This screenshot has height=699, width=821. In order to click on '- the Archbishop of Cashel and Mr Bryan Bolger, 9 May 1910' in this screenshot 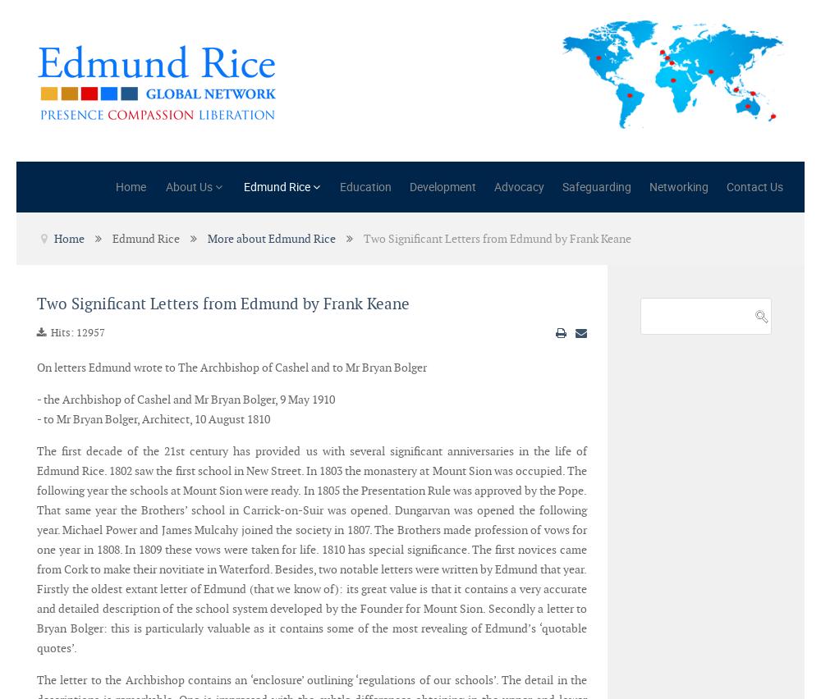, I will do `click(37, 400)`.